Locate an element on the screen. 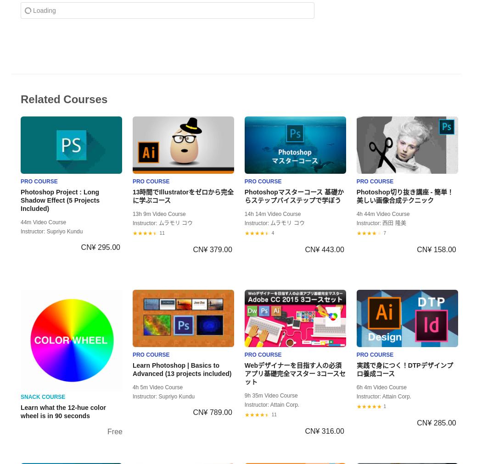 The width and height of the screenshot is (482, 464). 'CN¥ 285.00' is located at coordinates (436, 422).